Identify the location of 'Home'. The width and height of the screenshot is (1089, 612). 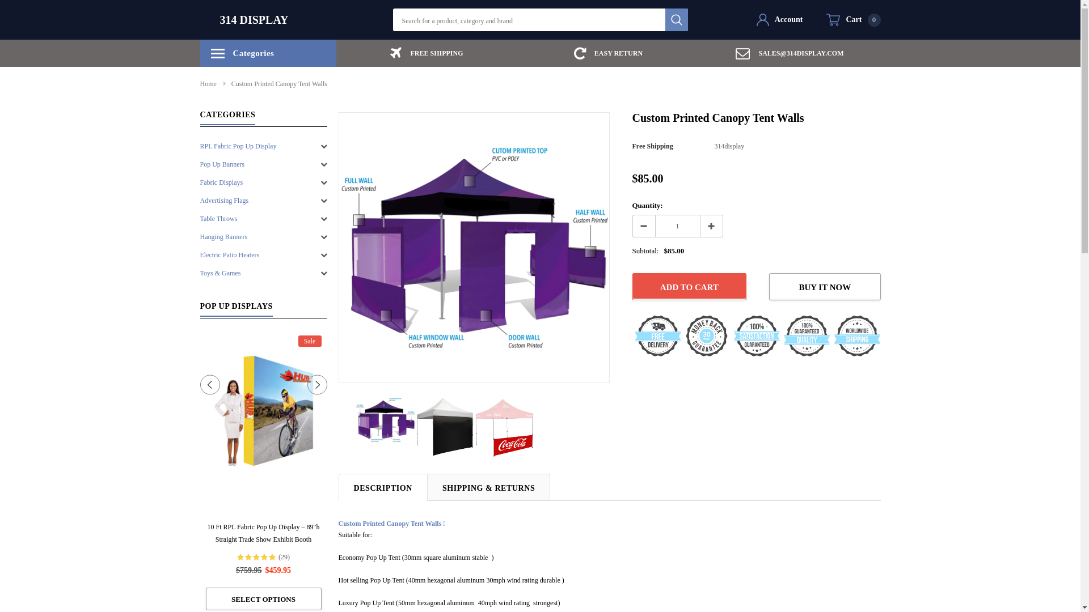
(208, 83).